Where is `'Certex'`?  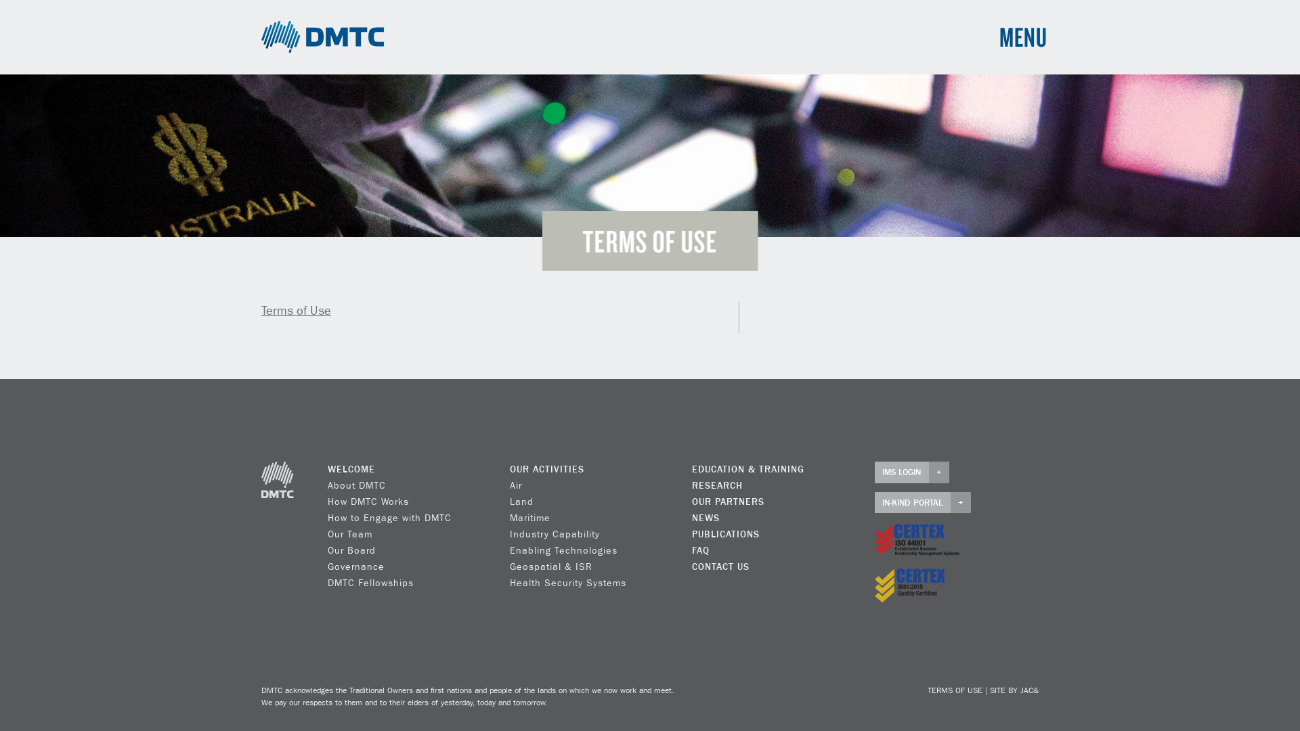
'Certex' is located at coordinates (917, 539).